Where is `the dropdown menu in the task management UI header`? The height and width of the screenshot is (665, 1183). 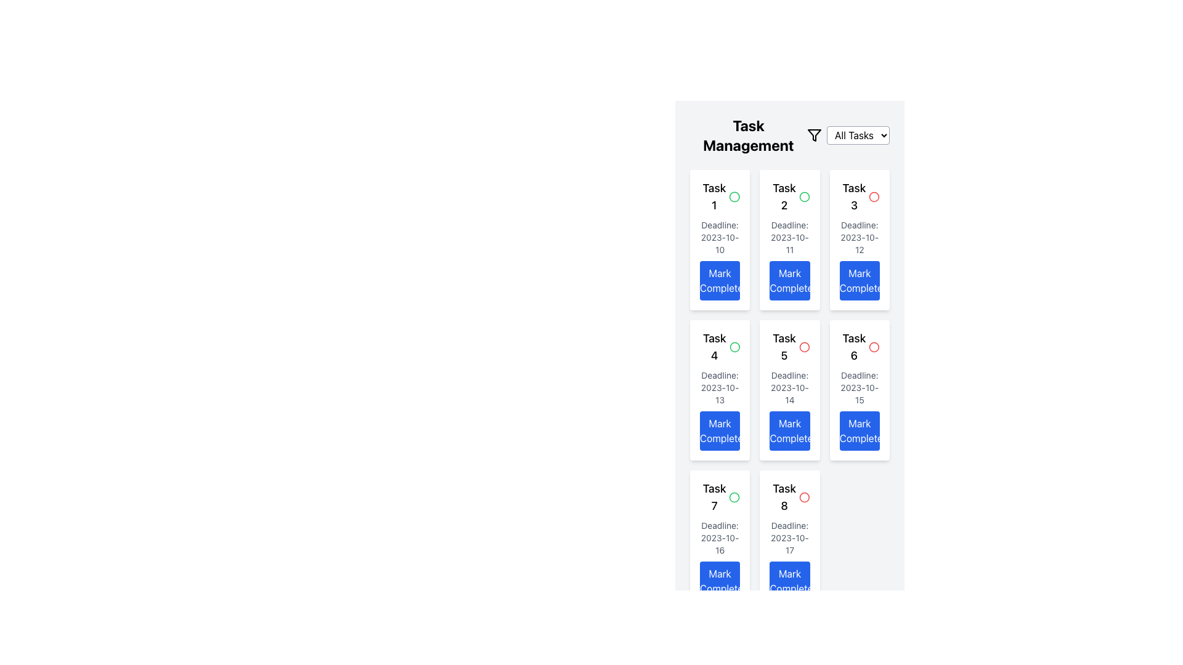 the dropdown menu in the task management UI header is located at coordinates (789, 135).